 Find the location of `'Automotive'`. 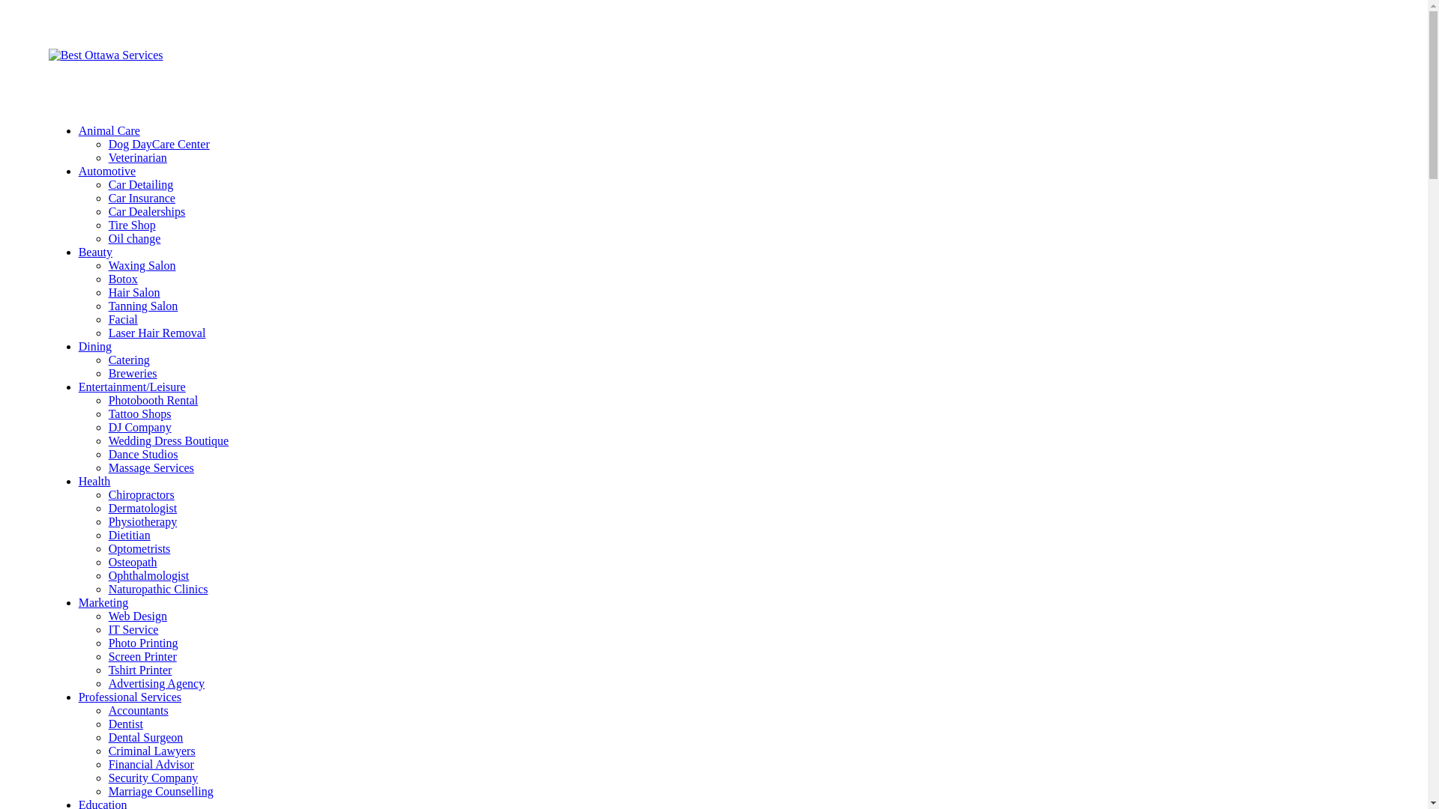

'Automotive' is located at coordinates (106, 170).